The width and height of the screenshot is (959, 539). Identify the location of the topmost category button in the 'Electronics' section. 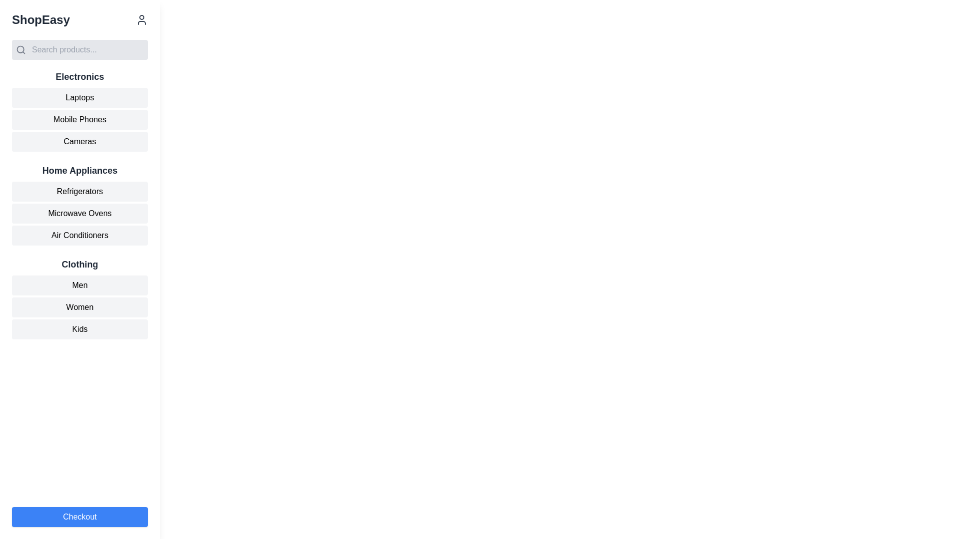
(79, 98).